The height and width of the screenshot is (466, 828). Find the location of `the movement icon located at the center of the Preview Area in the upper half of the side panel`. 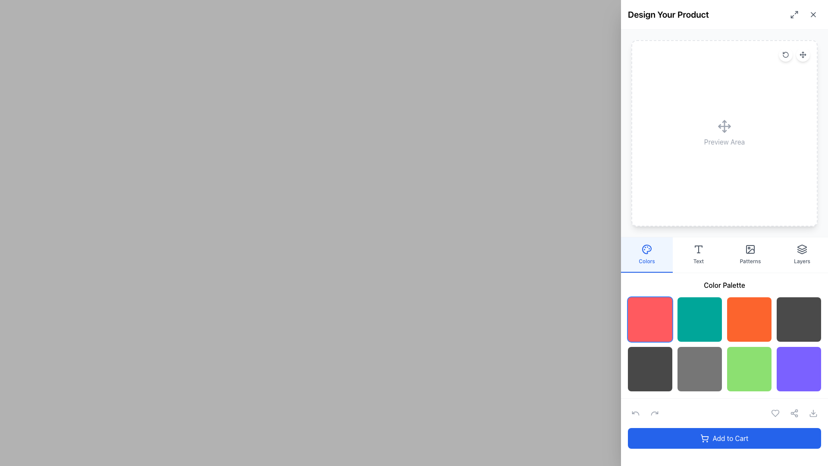

the movement icon located at the center of the Preview Area in the upper half of the side panel is located at coordinates (724, 126).